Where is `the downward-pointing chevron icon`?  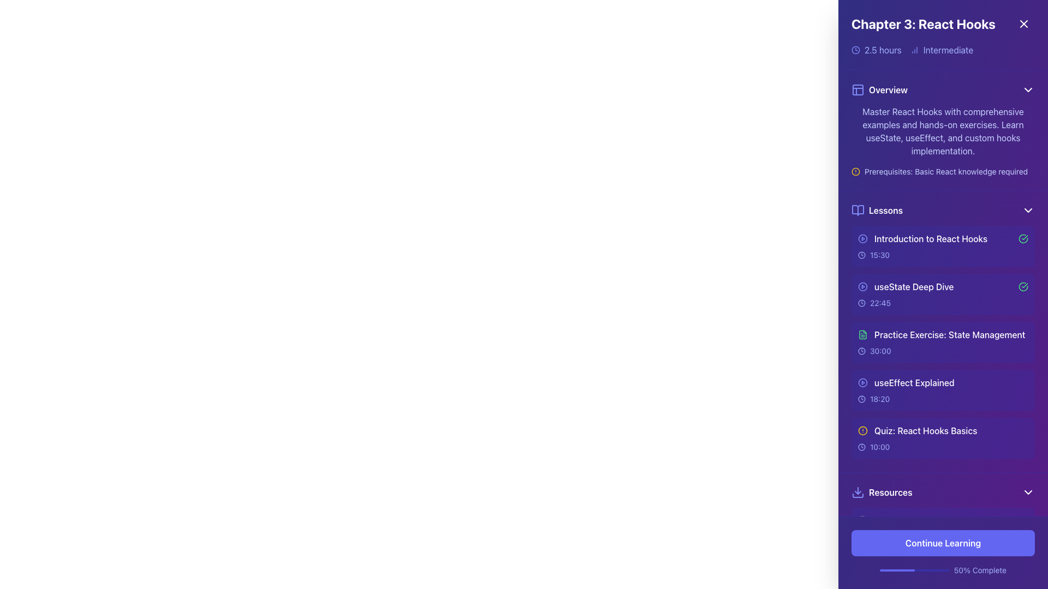 the downward-pointing chevron icon is located at coordinates (1027, 89).